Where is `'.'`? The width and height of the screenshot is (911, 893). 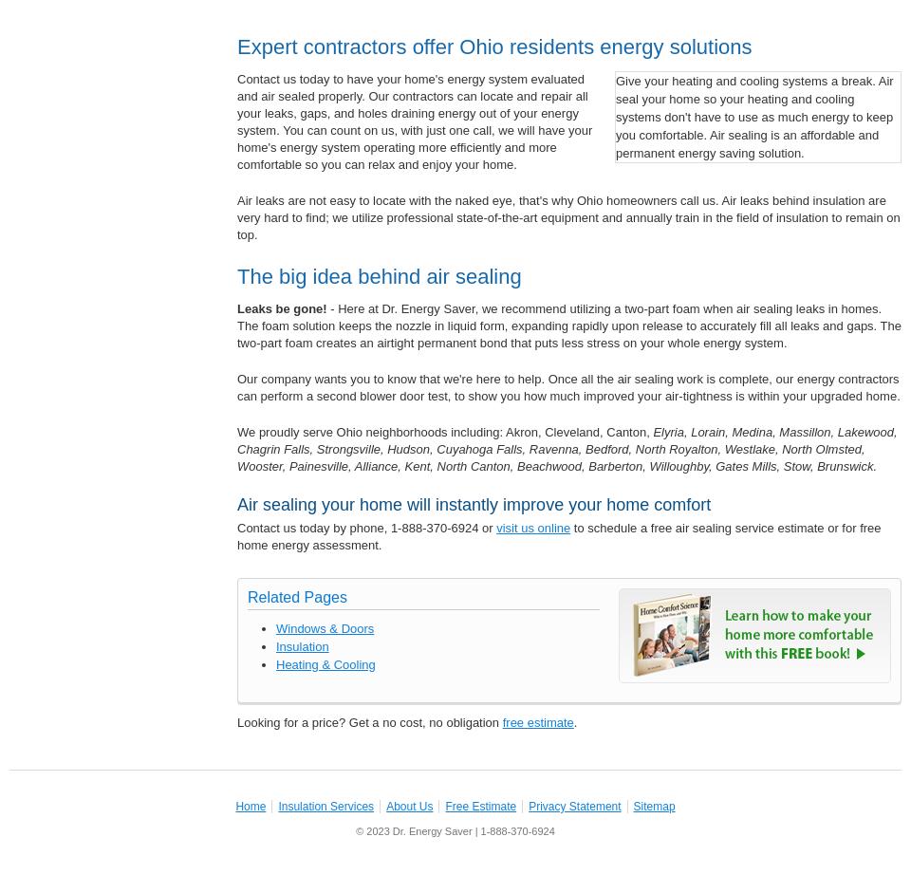
'.' is located at coordinates (573, 721).